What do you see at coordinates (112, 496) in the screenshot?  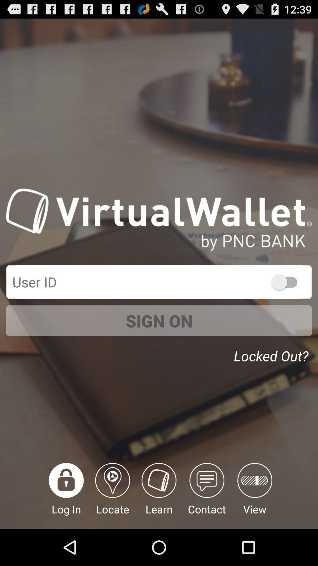 I see `the icon next to learn item` at bounding box center [112, 496].